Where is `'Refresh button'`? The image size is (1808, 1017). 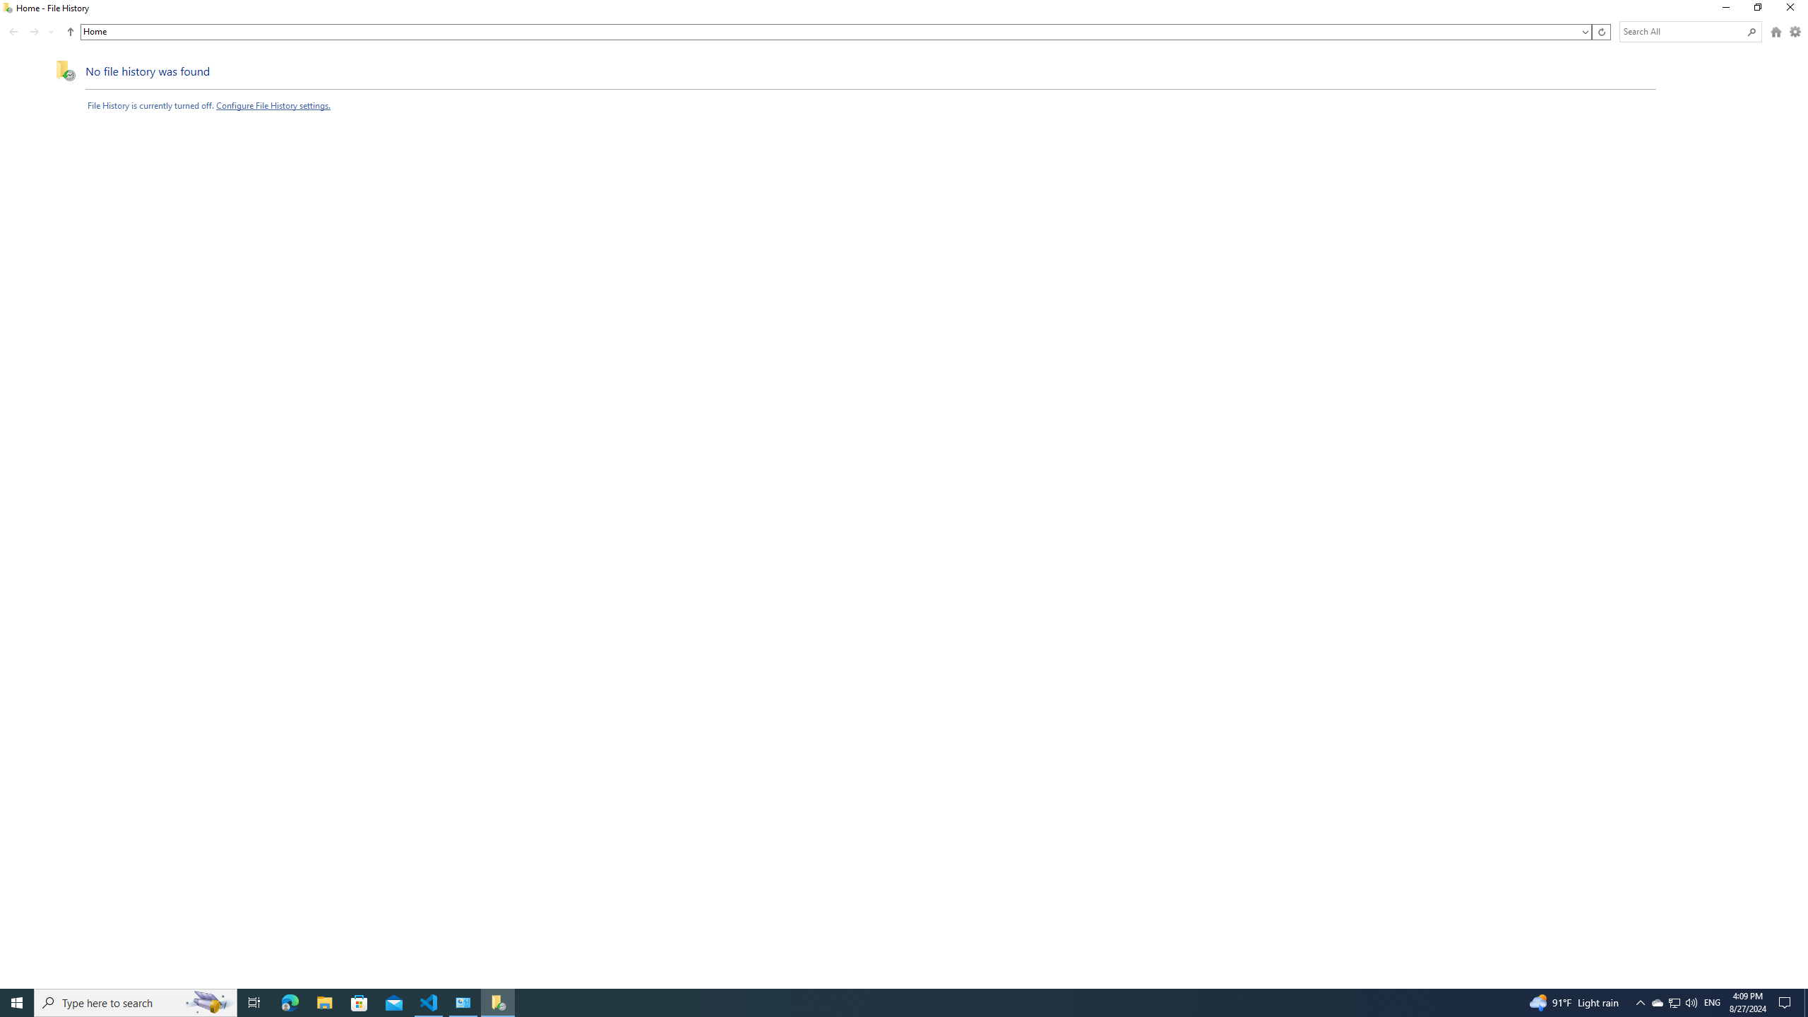
'Refresh button' is located at coordinates (1600, 32).